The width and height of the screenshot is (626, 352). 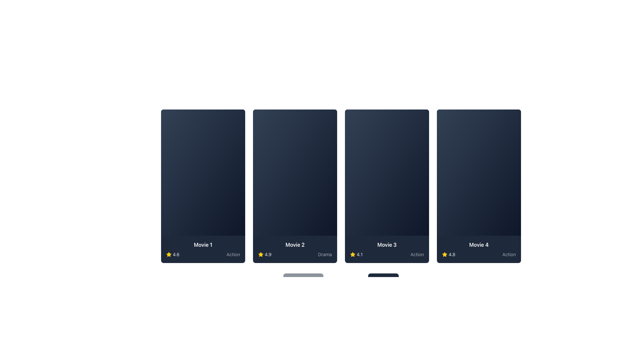 What do you see at coordinates (291, 280) in the screenshot?
I see `the Chevron Left icon, which is a back navigation button styled with the 'lucide-chevron-left' class` at bounding box center [291, 280].